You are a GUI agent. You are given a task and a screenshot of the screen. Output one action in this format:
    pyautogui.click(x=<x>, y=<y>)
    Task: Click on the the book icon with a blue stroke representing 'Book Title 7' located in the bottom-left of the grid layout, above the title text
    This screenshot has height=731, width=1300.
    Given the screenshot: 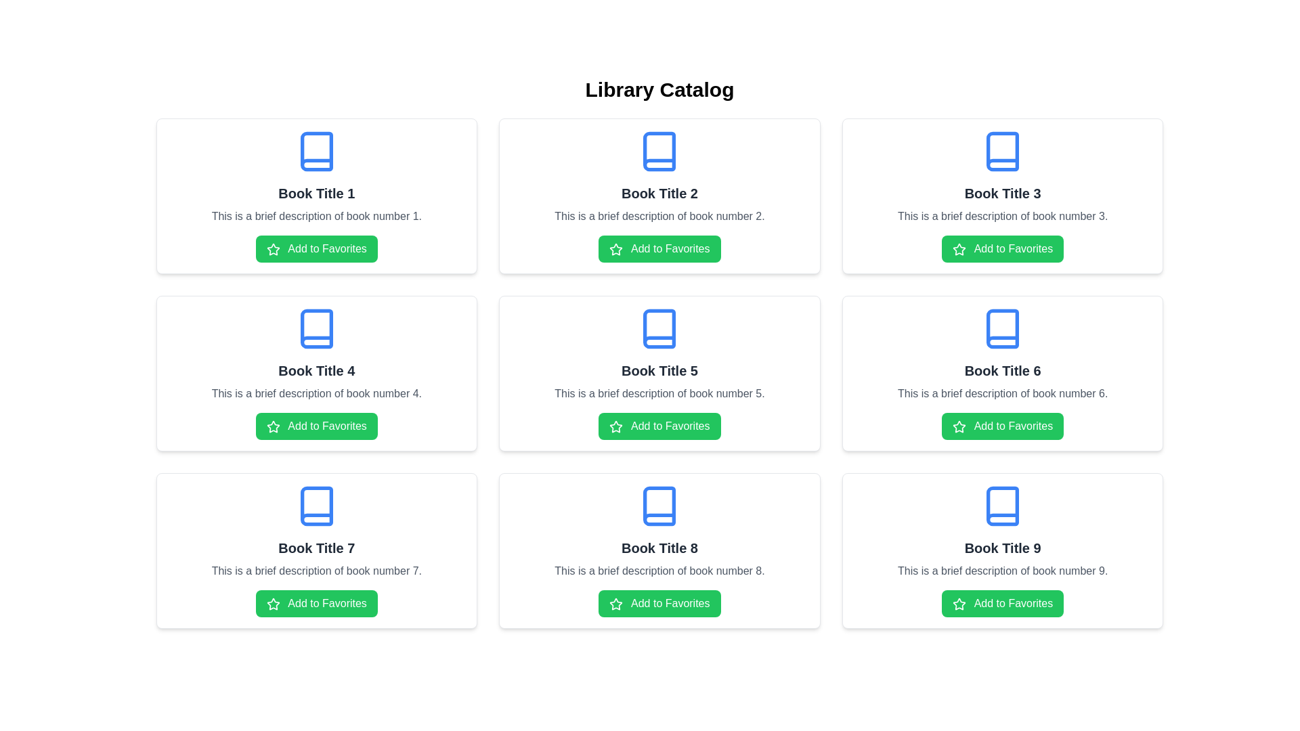 What is the action you would take?
    pyautogui.click(x=316, y=506)
    